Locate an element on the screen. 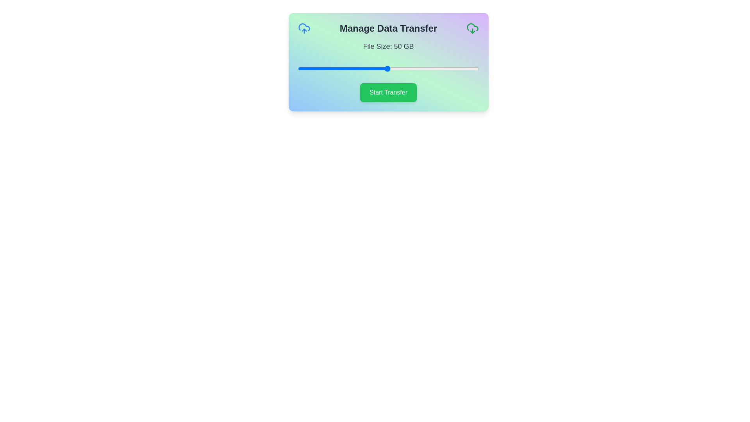 This screenshot has width=750, height=422. the slider to set the file size to 37 GB is located at coordinates (363, 68).